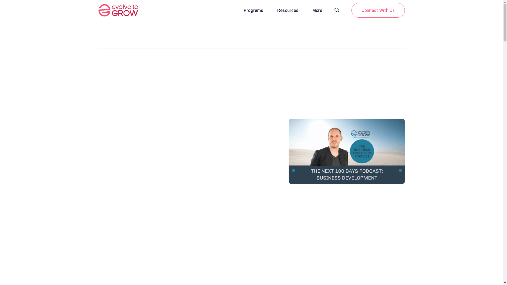 This screenshot has width=507, height=285. What do you see at coordinates (377, 10) in the screenshot?
I see `'Connect With Us'` at bounding box center [377, 10].